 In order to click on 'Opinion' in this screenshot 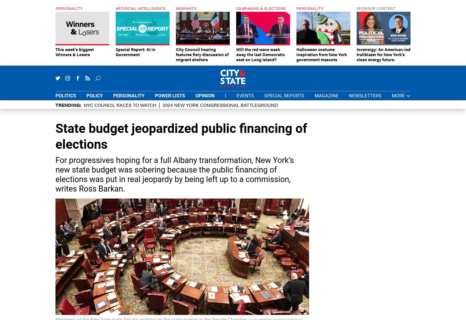, I will do `click(204, 95)`.